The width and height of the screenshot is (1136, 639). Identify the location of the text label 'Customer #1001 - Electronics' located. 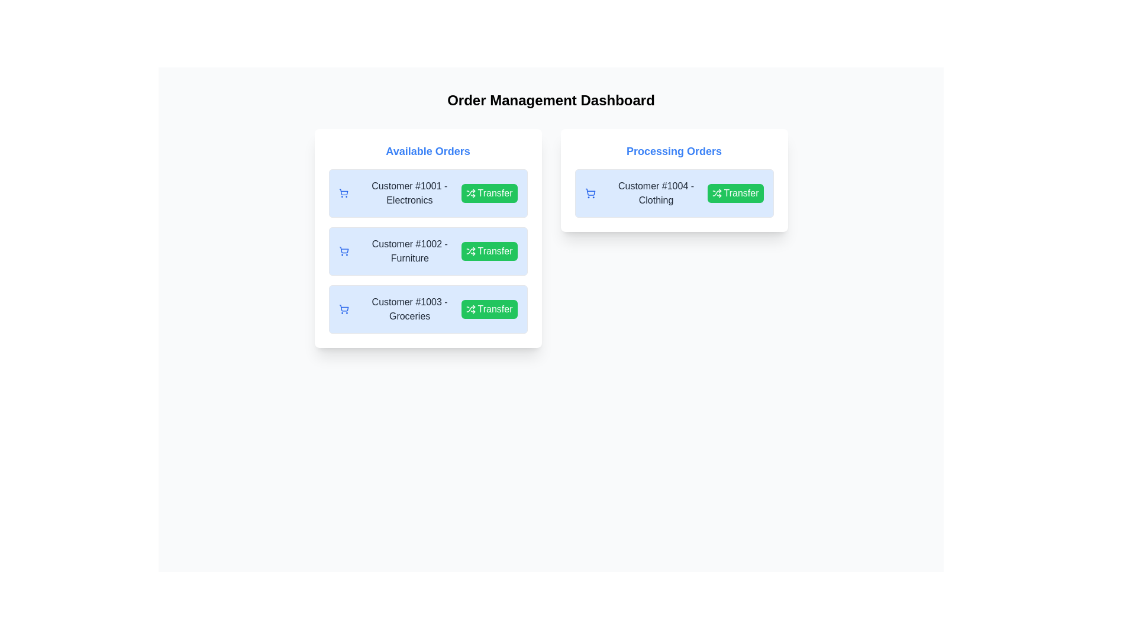
(400, 193).